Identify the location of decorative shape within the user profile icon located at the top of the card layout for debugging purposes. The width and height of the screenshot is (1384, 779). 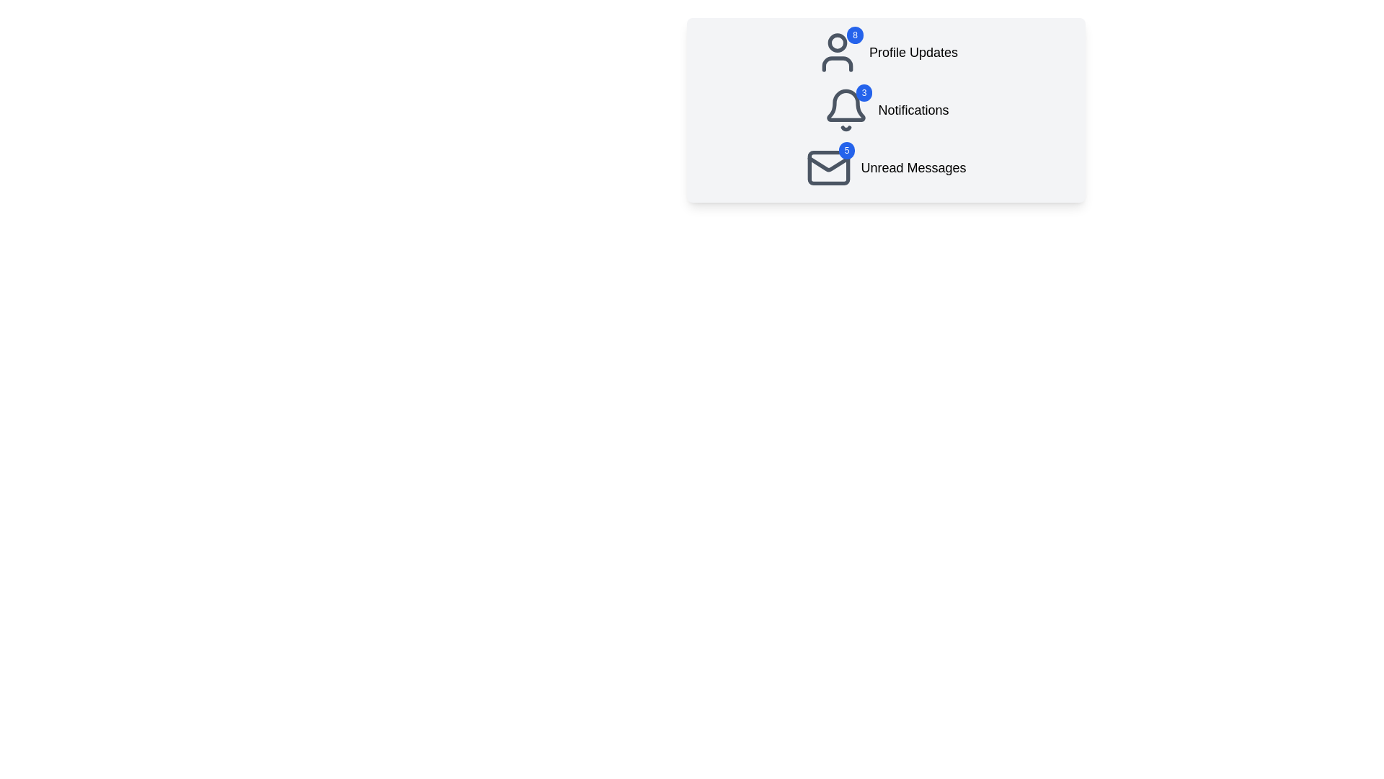
(837, 63).